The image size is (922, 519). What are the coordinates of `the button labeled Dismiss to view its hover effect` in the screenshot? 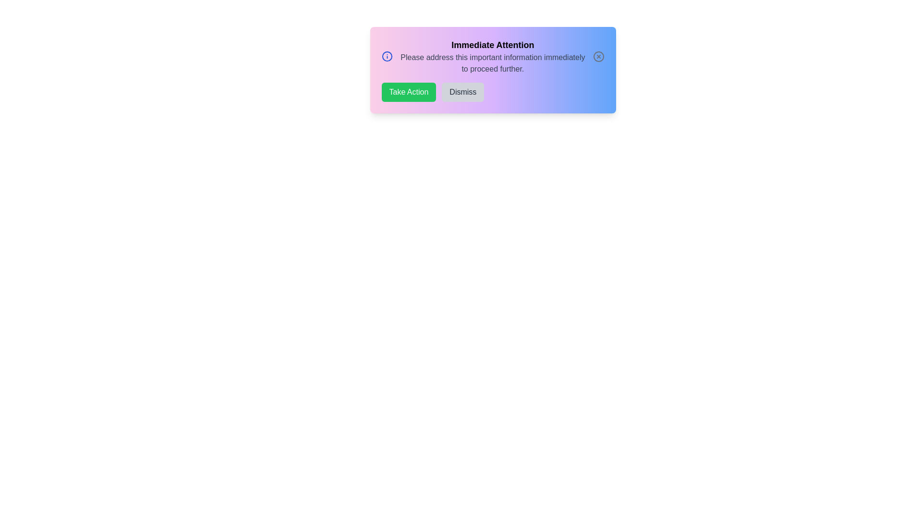 It's located at (463, 92).